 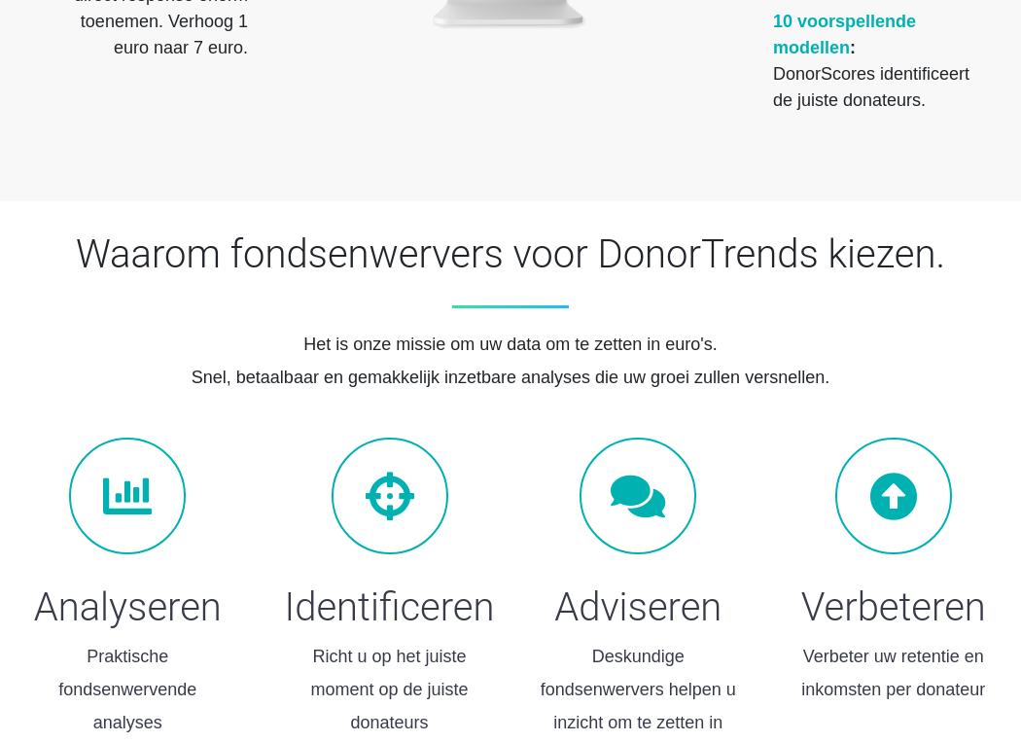 What do you see at coordinates (771, 33) in the screenshot?
I see `'10 voorspellende modellen'` at bounding box center [771, 33].